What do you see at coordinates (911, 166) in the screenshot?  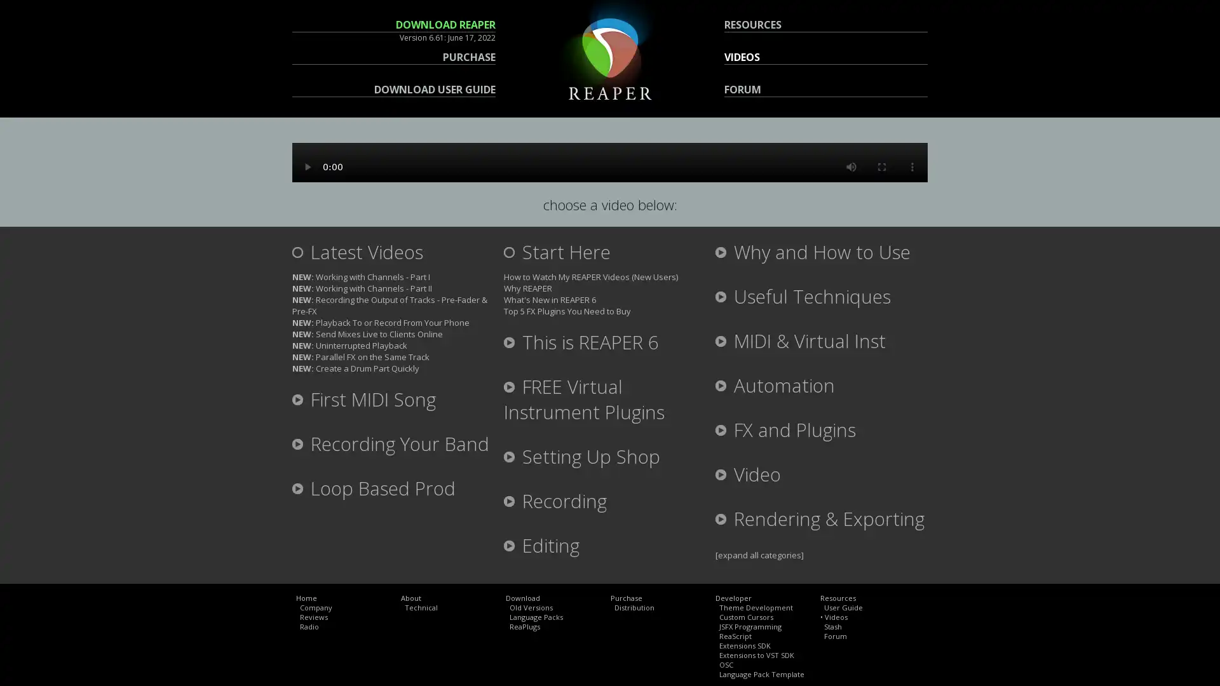 I see `show more media controls` at bounding box center [911, 166].